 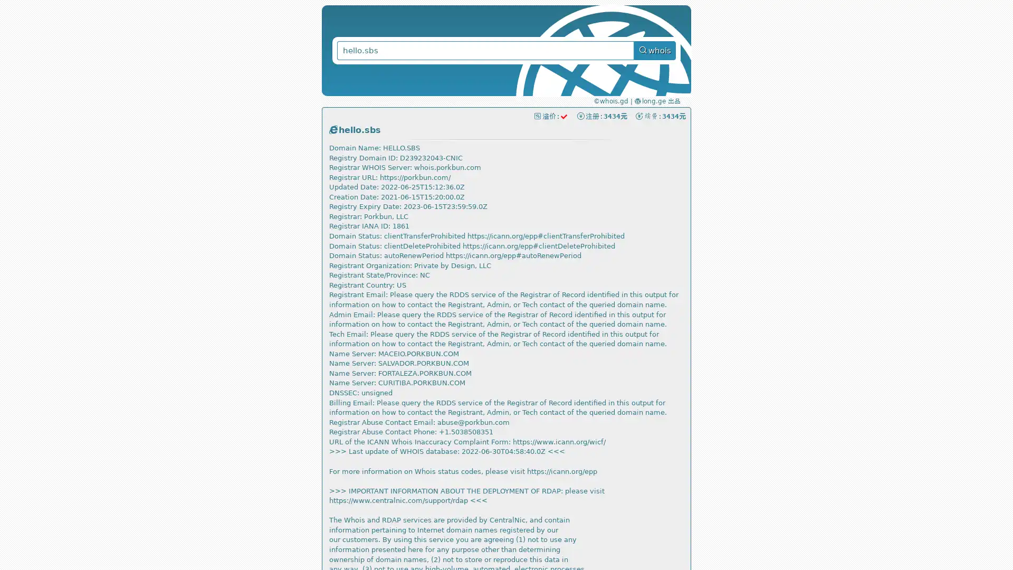 I want to click on whois, so click(x=654, y=51).